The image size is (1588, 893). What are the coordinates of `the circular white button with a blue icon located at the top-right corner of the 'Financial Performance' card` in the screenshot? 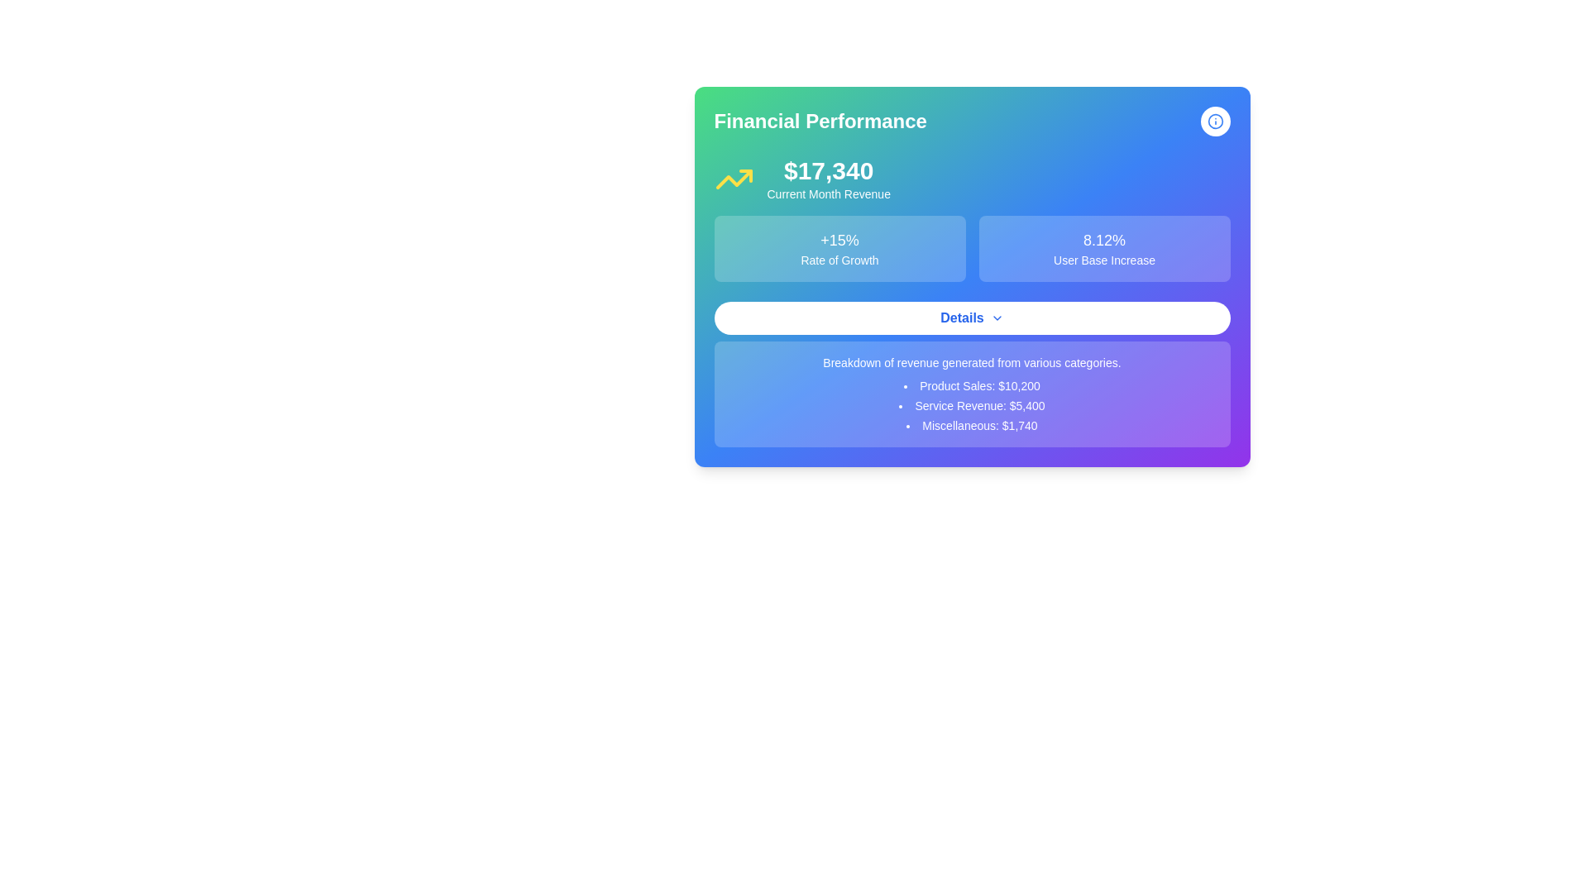 It's located at (1215, 120).